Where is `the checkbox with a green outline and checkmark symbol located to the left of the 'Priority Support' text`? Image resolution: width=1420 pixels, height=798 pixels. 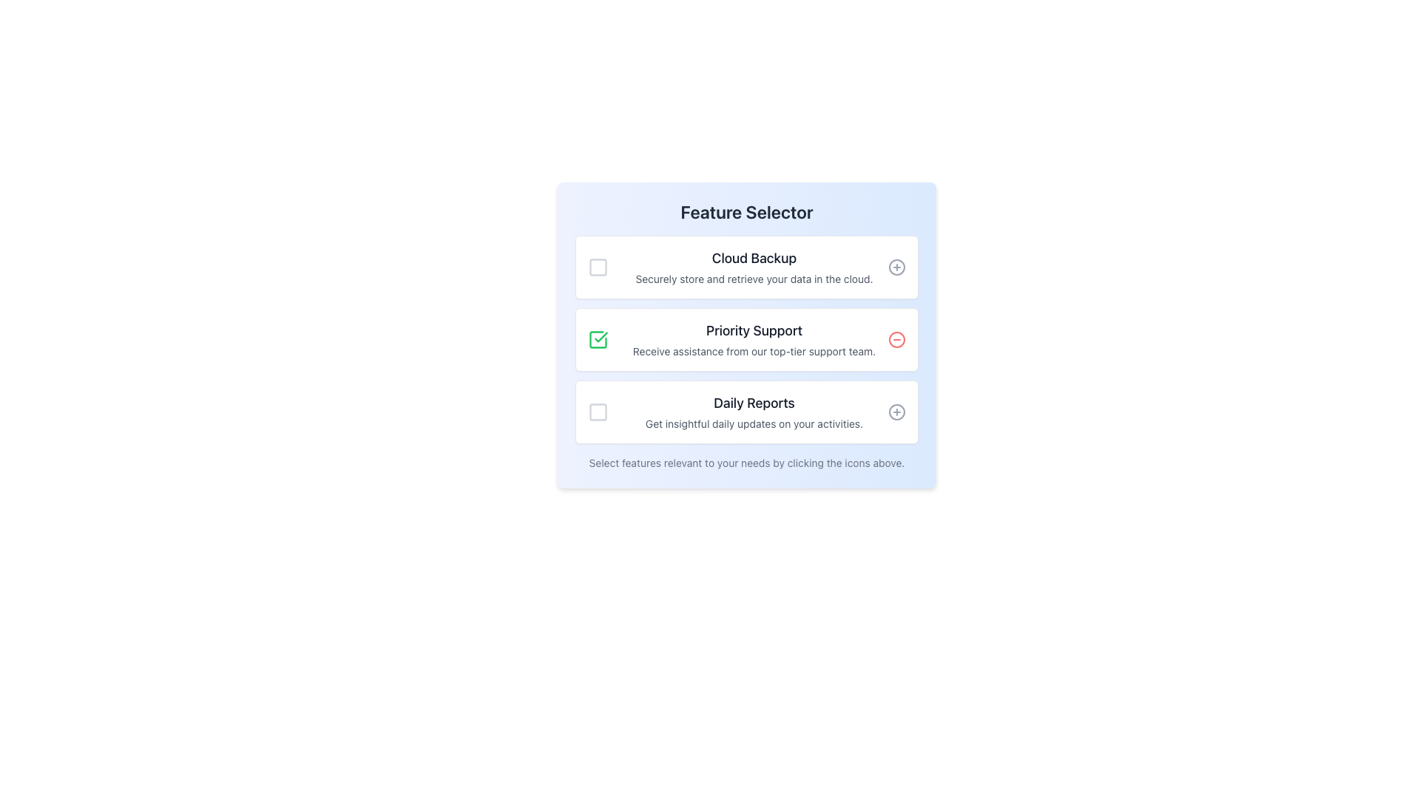 the checkbox with a green outline and checkmark symbol located to the left of the 'Priority Support' text is located at coordinates (598, 339).